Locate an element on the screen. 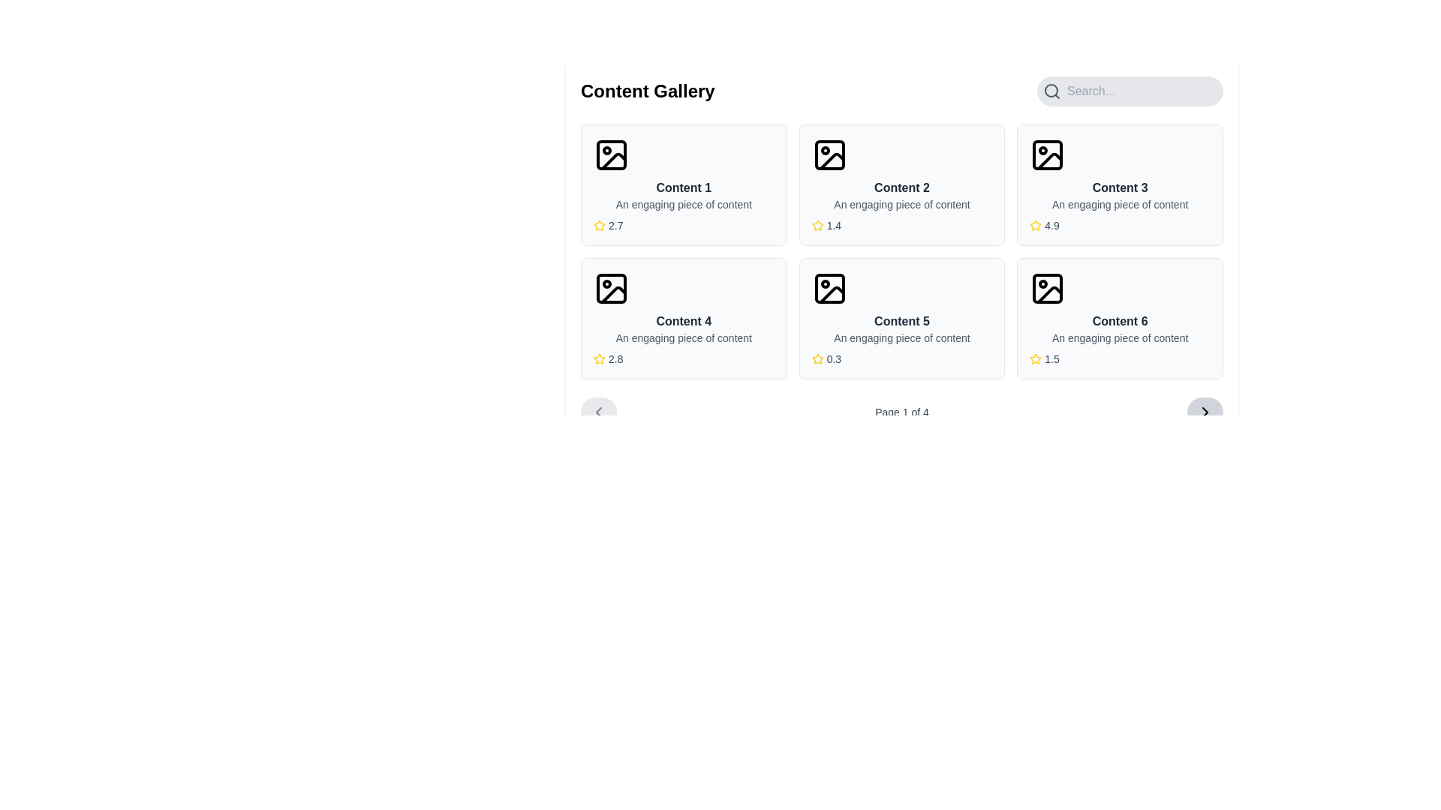 This screenshot has height=810, width=1441. the SVG vector graphic element that represents part of an icon with a diagonal line pattern inside the 'Content 5' card in the grid is located at coordinates (831, 295).